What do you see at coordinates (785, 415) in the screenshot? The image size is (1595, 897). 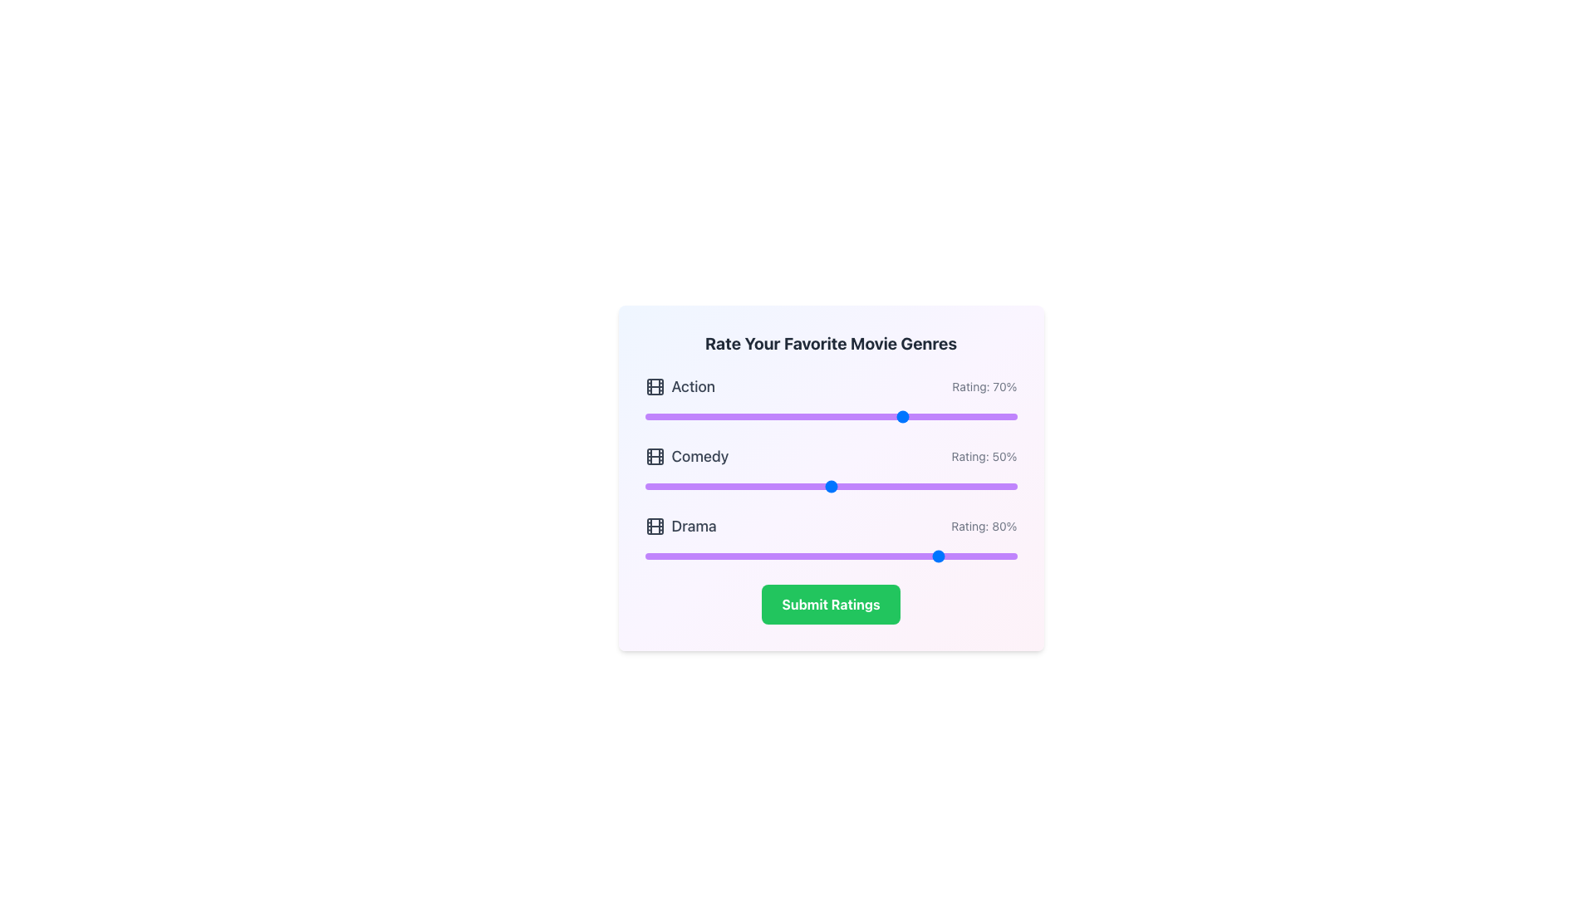 I see `the 'Action' movie genre rating` at bounding box center [785, 415].